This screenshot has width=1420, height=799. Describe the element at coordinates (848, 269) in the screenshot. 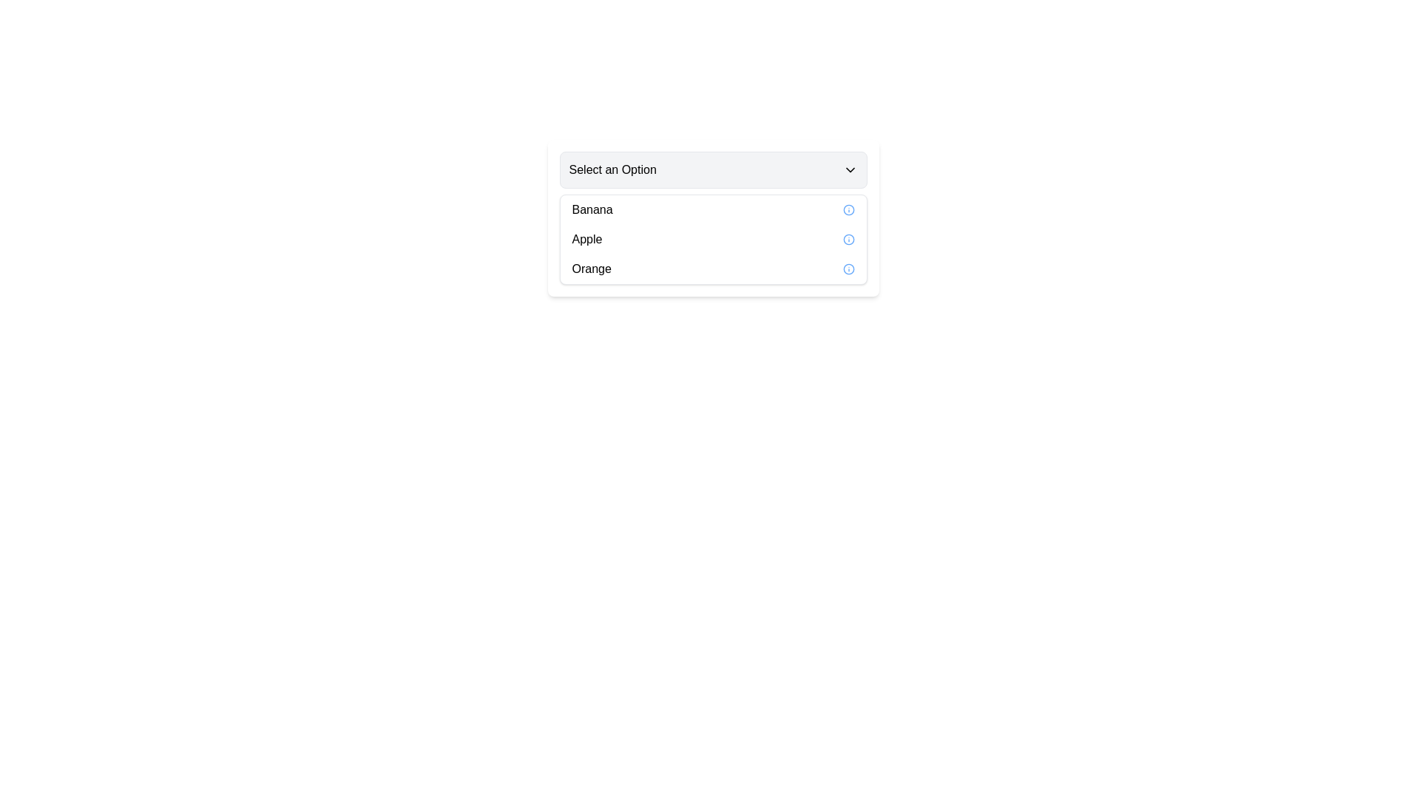

I see `the leftmost SVG circle icon associated with the 'Orange' option in the dropdown list to possibly reveal a tooltip` at that location.